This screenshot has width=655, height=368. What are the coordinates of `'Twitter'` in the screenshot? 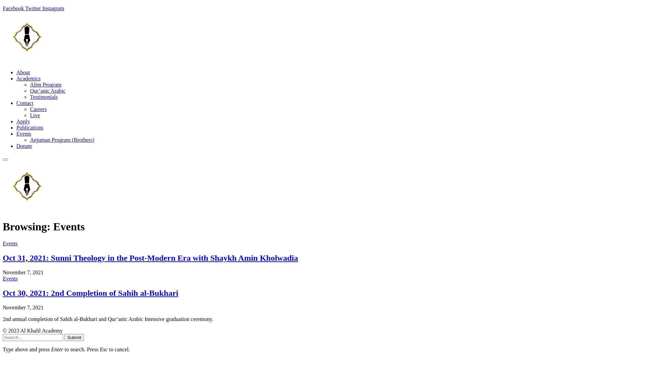 It's located at (33, 8).